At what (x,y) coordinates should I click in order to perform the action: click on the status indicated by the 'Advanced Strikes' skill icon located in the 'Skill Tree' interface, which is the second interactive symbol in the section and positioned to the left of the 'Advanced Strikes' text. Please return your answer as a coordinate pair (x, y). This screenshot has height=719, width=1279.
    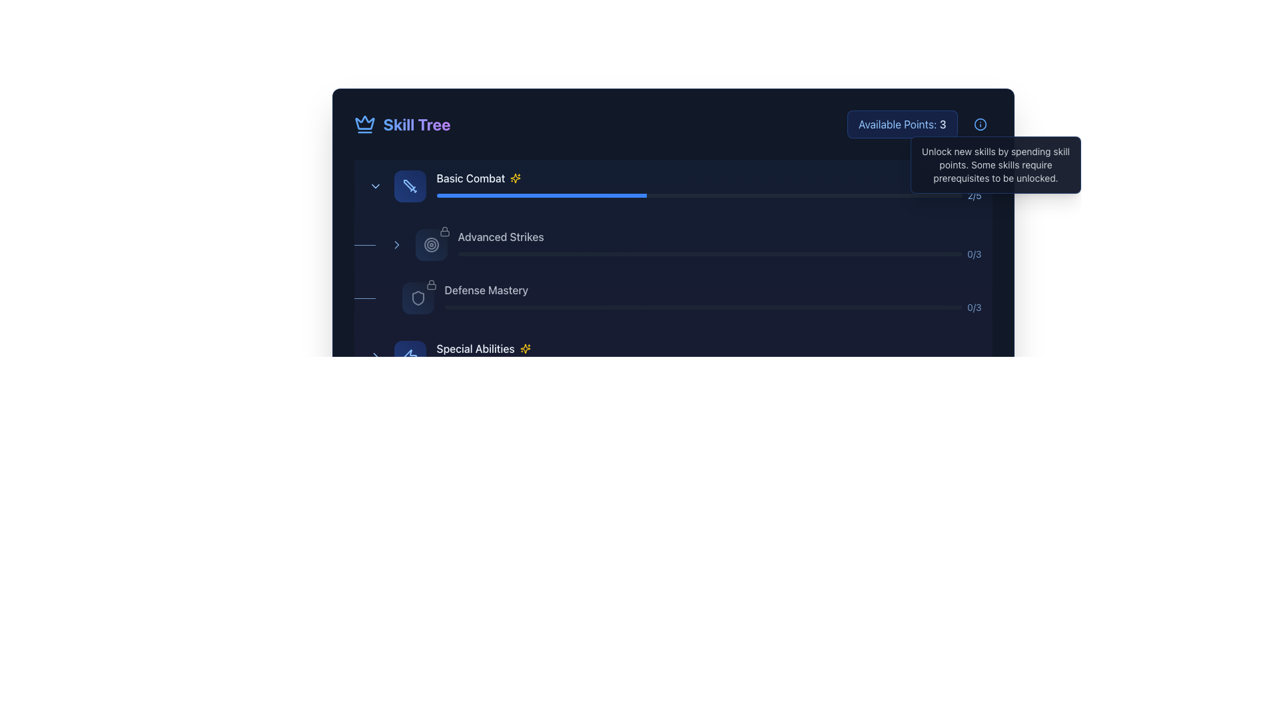
    Looking at the image, I should click on (431, 244).